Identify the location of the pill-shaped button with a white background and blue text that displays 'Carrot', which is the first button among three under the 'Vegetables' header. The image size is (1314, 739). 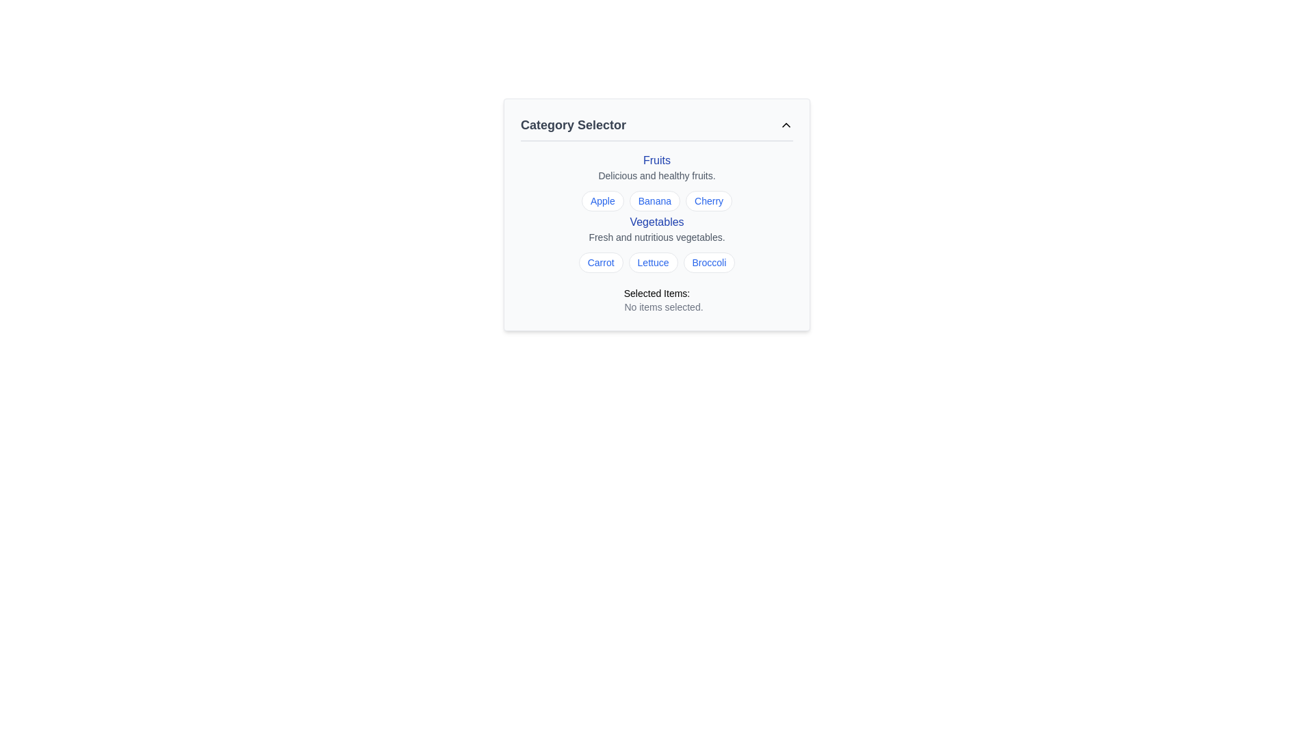
(601, 263).